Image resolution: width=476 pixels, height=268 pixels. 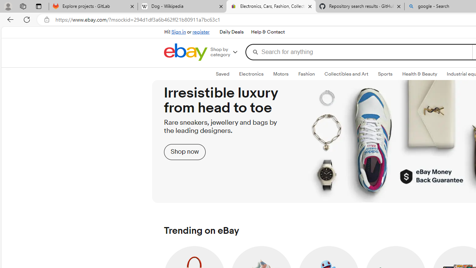 What do you see at coordinates (346, 74) in the screenshot?
I see `'Collectibles and Art'` at bounding box center [346, 74].